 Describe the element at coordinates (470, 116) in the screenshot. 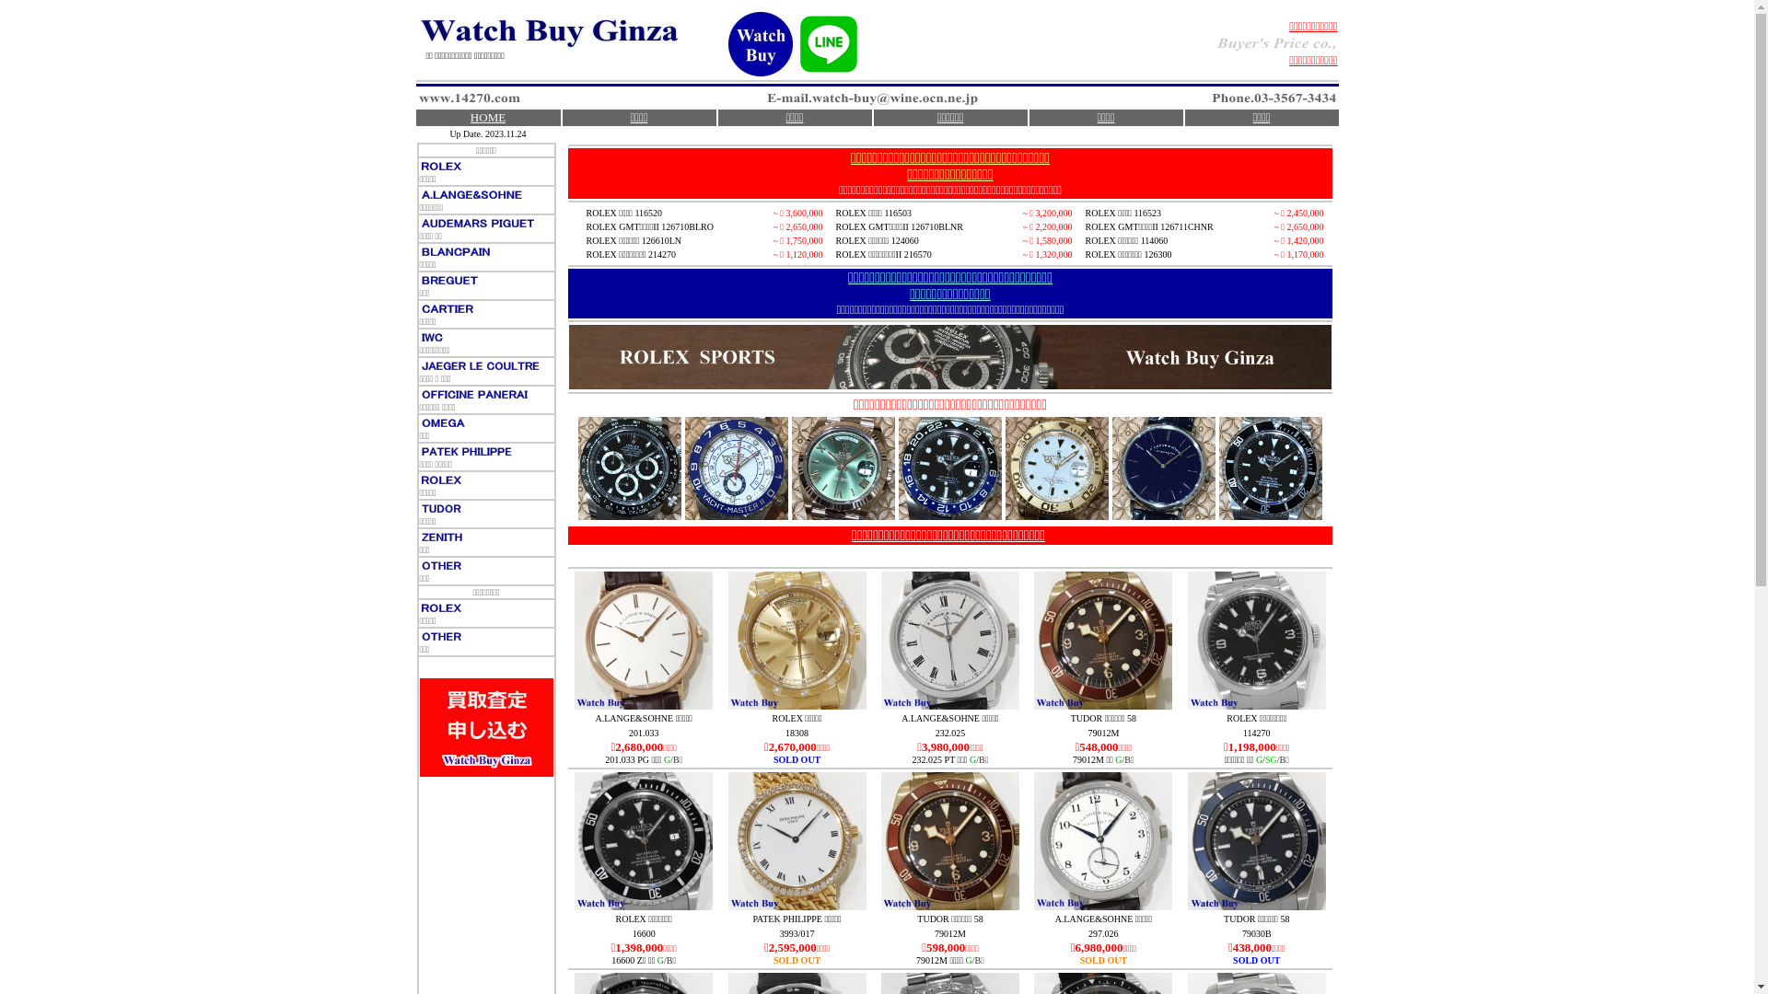

I see `'HOME'` at that location.